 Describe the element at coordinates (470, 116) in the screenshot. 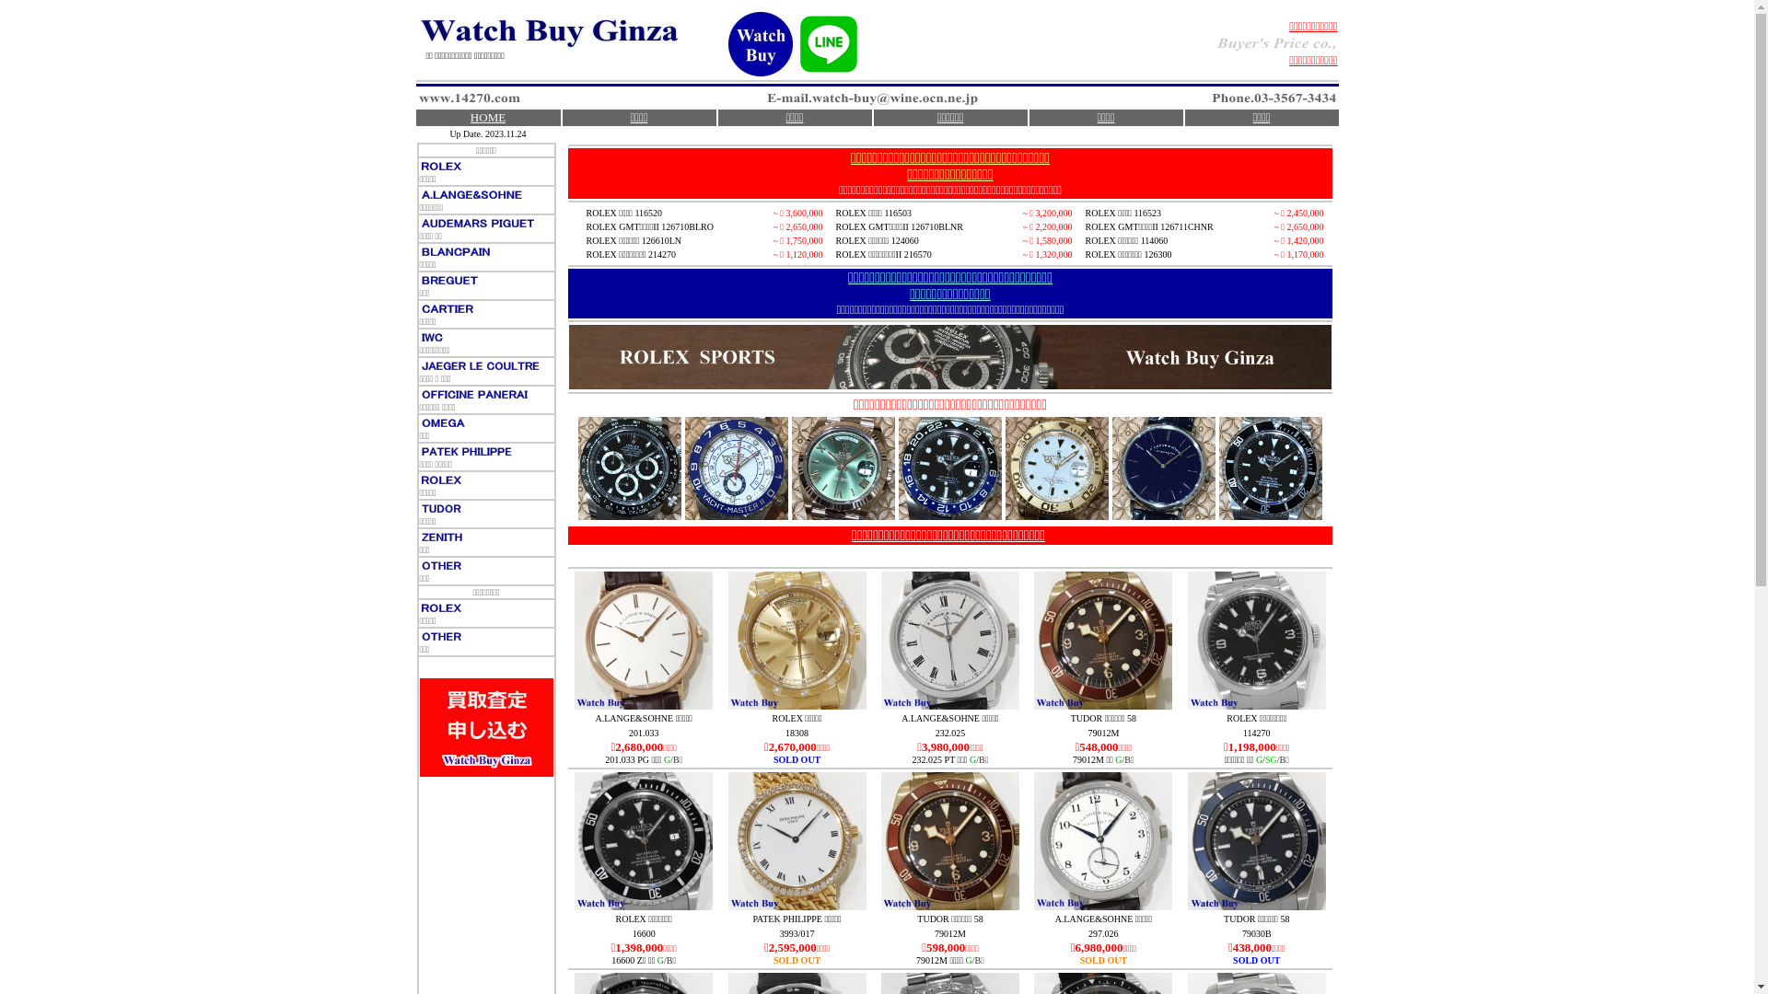

I see `'HOME'` at that location.